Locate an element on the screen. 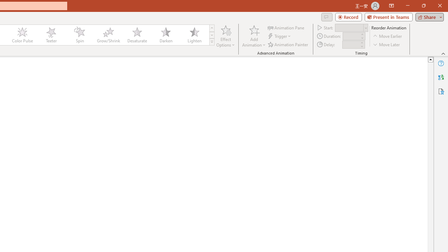 The width and height of the screenshot is (448, 252). 'Animation Delay' is located at coordinates (351, 44).